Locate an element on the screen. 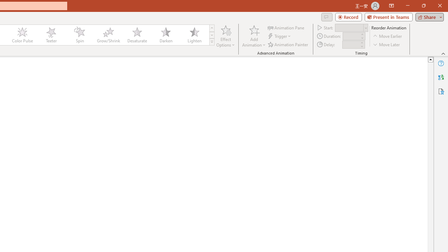 The width and height of the screenshot is (448, 252). 'Animation Delay' is located at coordinates (351, 44).